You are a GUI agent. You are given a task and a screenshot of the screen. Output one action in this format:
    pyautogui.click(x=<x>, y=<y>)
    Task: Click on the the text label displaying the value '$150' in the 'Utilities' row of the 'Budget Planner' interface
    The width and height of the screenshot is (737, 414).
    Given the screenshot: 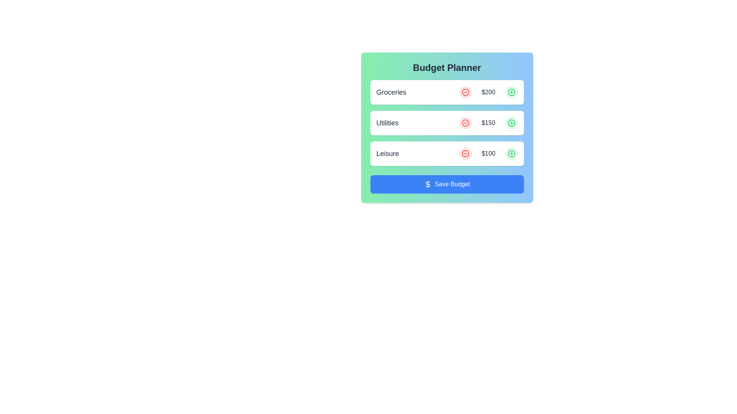 What is the action you would take?
    pyautogui.click(x=488, y=122)
    